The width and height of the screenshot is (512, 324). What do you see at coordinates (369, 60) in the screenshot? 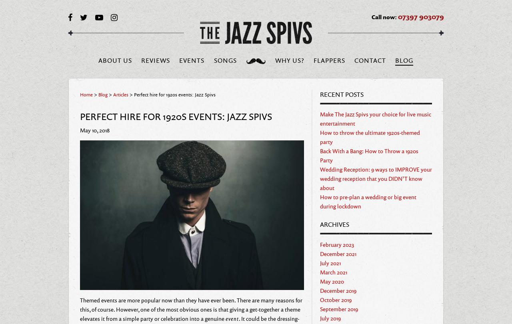
I see `'Contact'` at bounding box center [369, 60].